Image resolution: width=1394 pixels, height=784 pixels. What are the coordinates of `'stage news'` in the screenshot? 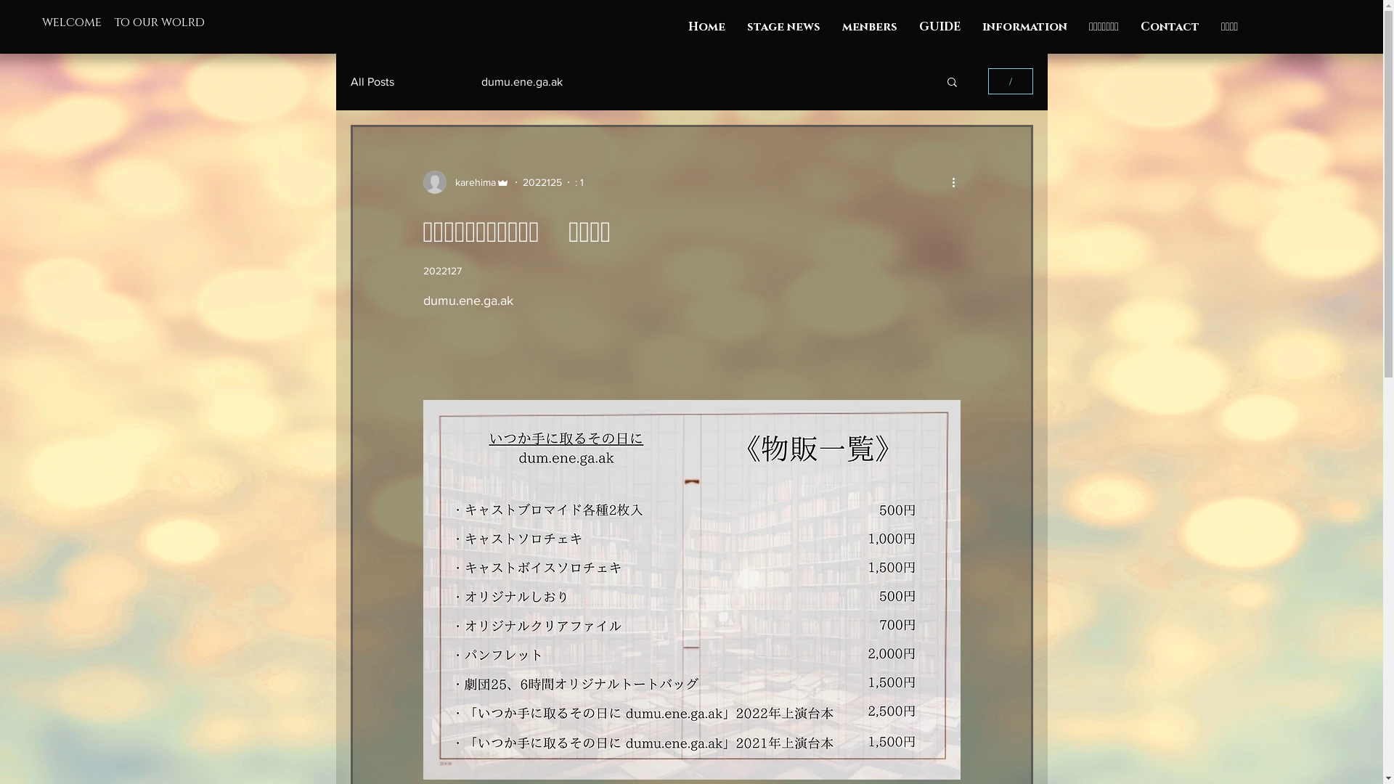 It's located at (783, 27).